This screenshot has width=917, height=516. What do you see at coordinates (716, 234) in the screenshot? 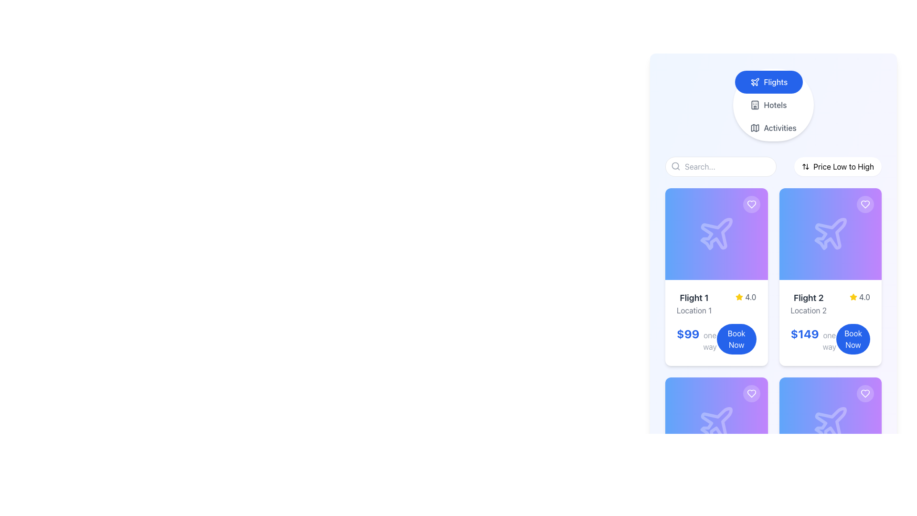
I see `the flight-related icon located in the top-left card under the 'Flights' tab, positioned above the text details of 'Flight 1' and to the left of the 'heart' icon` at bounding box center [716, 234].